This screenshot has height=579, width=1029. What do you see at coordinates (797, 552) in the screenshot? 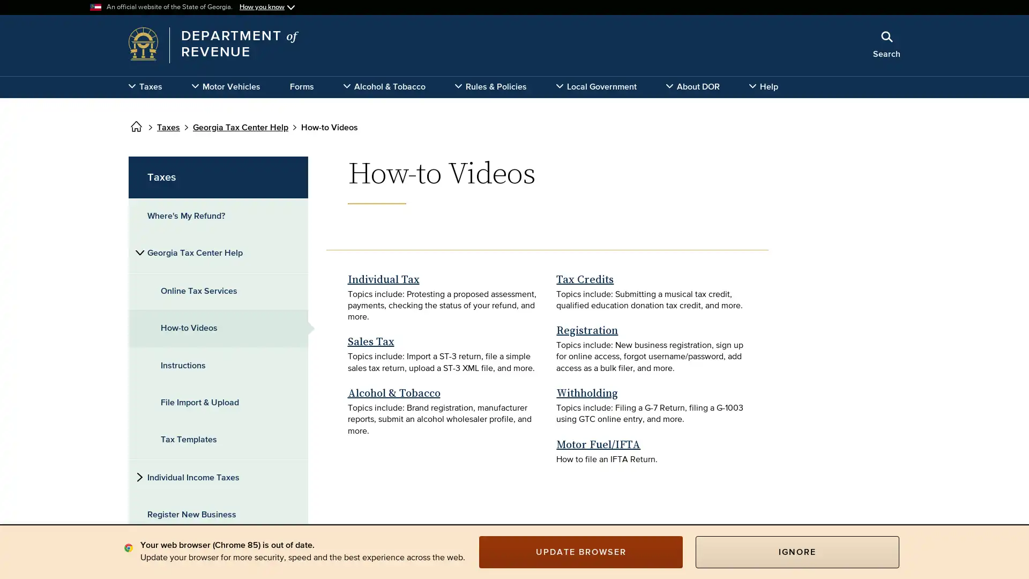
I see `IGNORE` at bounding box center [797, 552].